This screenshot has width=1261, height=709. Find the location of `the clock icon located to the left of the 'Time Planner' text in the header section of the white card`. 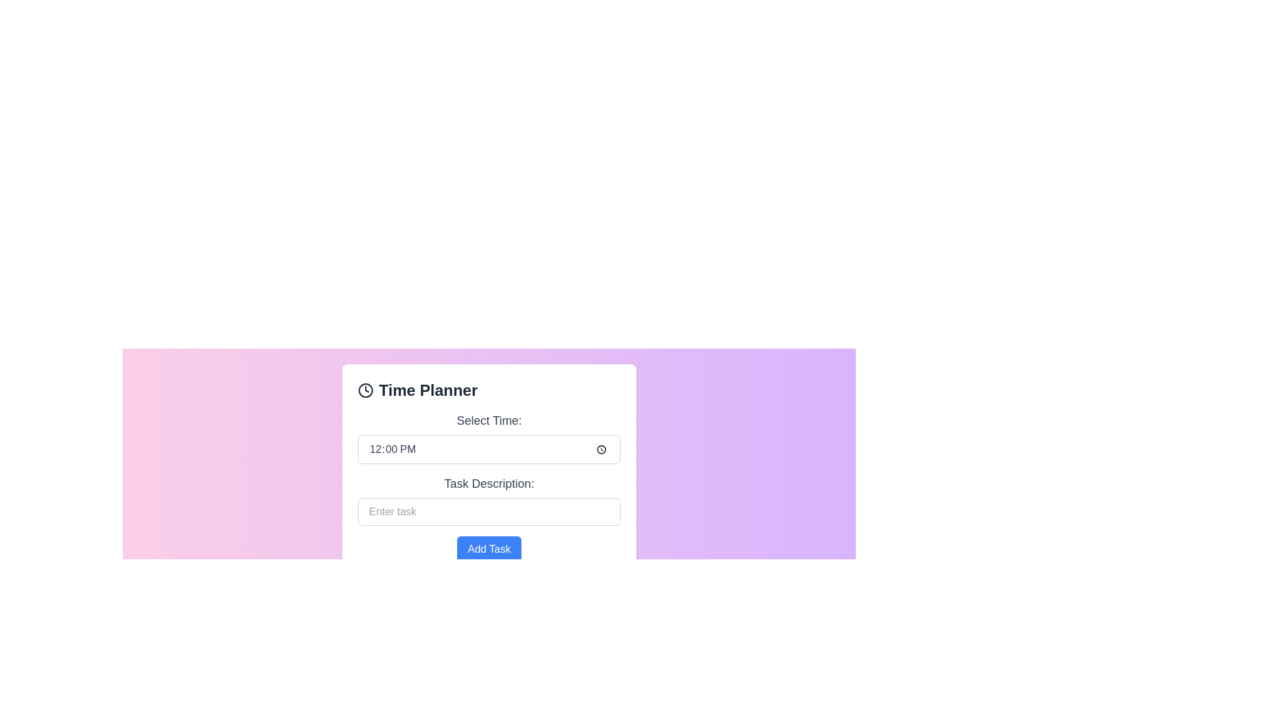

the clock icon located to the left of the 'Time Planner' text in the header section of the white card is located at coordinates (365, 389).